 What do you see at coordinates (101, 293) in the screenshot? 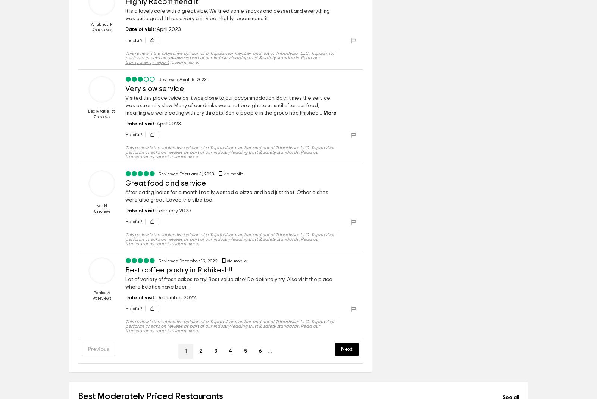
I see `'Pankaj A'` at bounding box center [101, 293].